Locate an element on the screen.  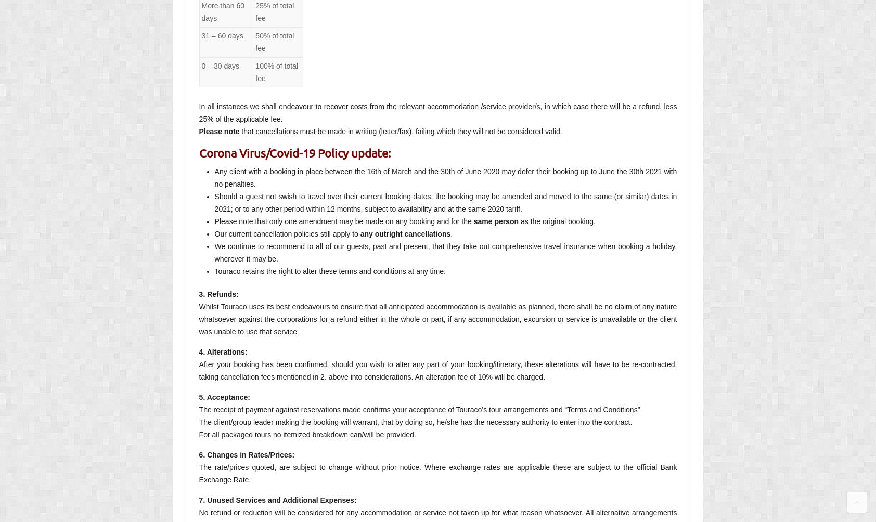
'any outright cancellations' is located at coordinates (405, 233).